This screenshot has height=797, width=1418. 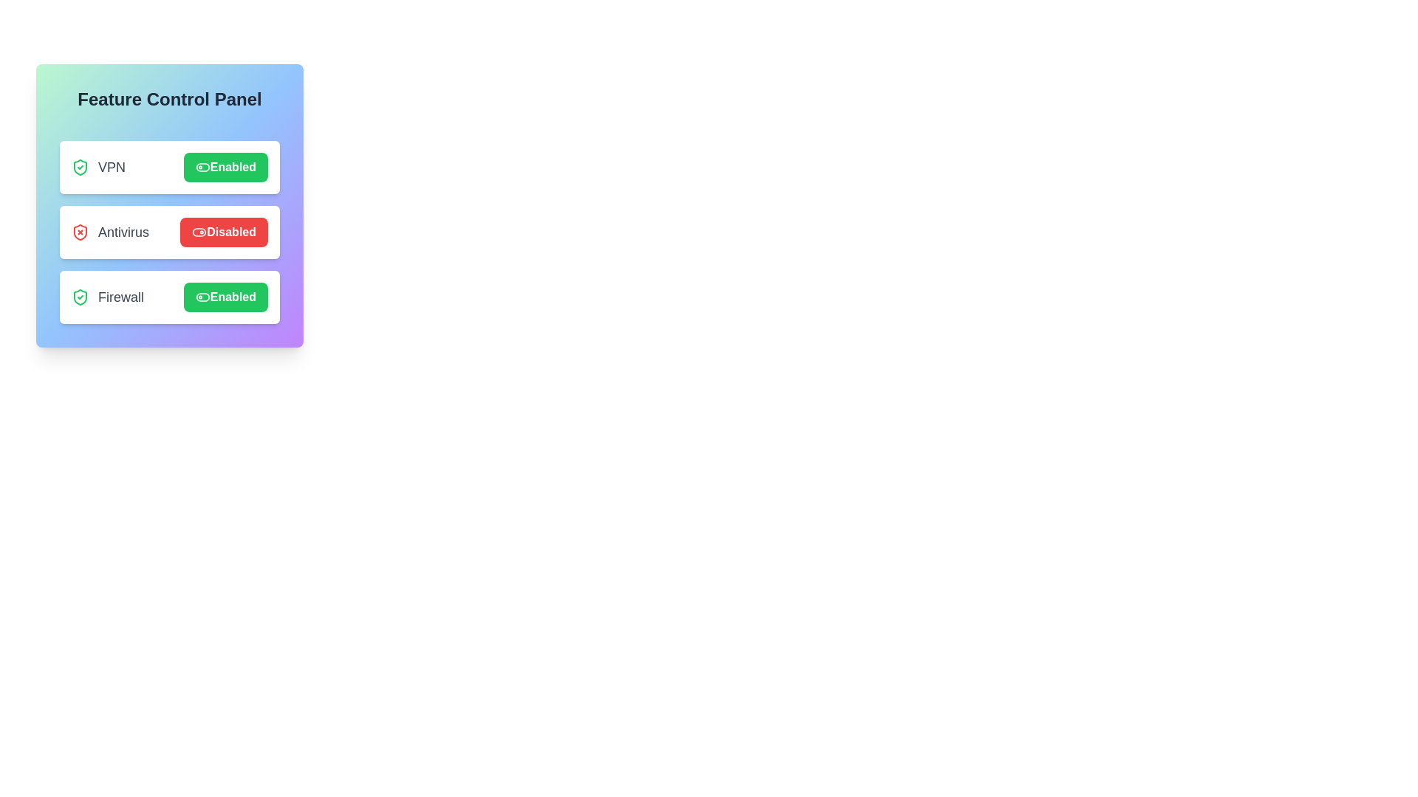 What do you see at coordinates (225, 297) in the screenshot?
I see `the Firewall button to observe visual changes` at bounding box center [225, 297].